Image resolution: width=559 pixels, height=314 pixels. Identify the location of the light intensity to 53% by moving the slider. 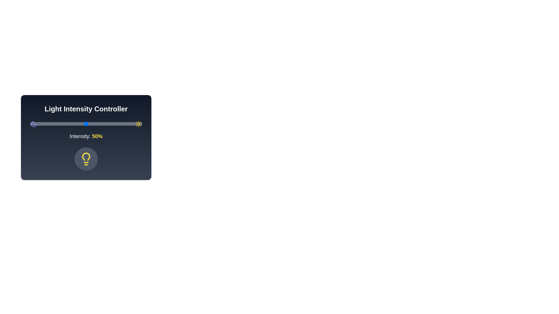
(89, 123).